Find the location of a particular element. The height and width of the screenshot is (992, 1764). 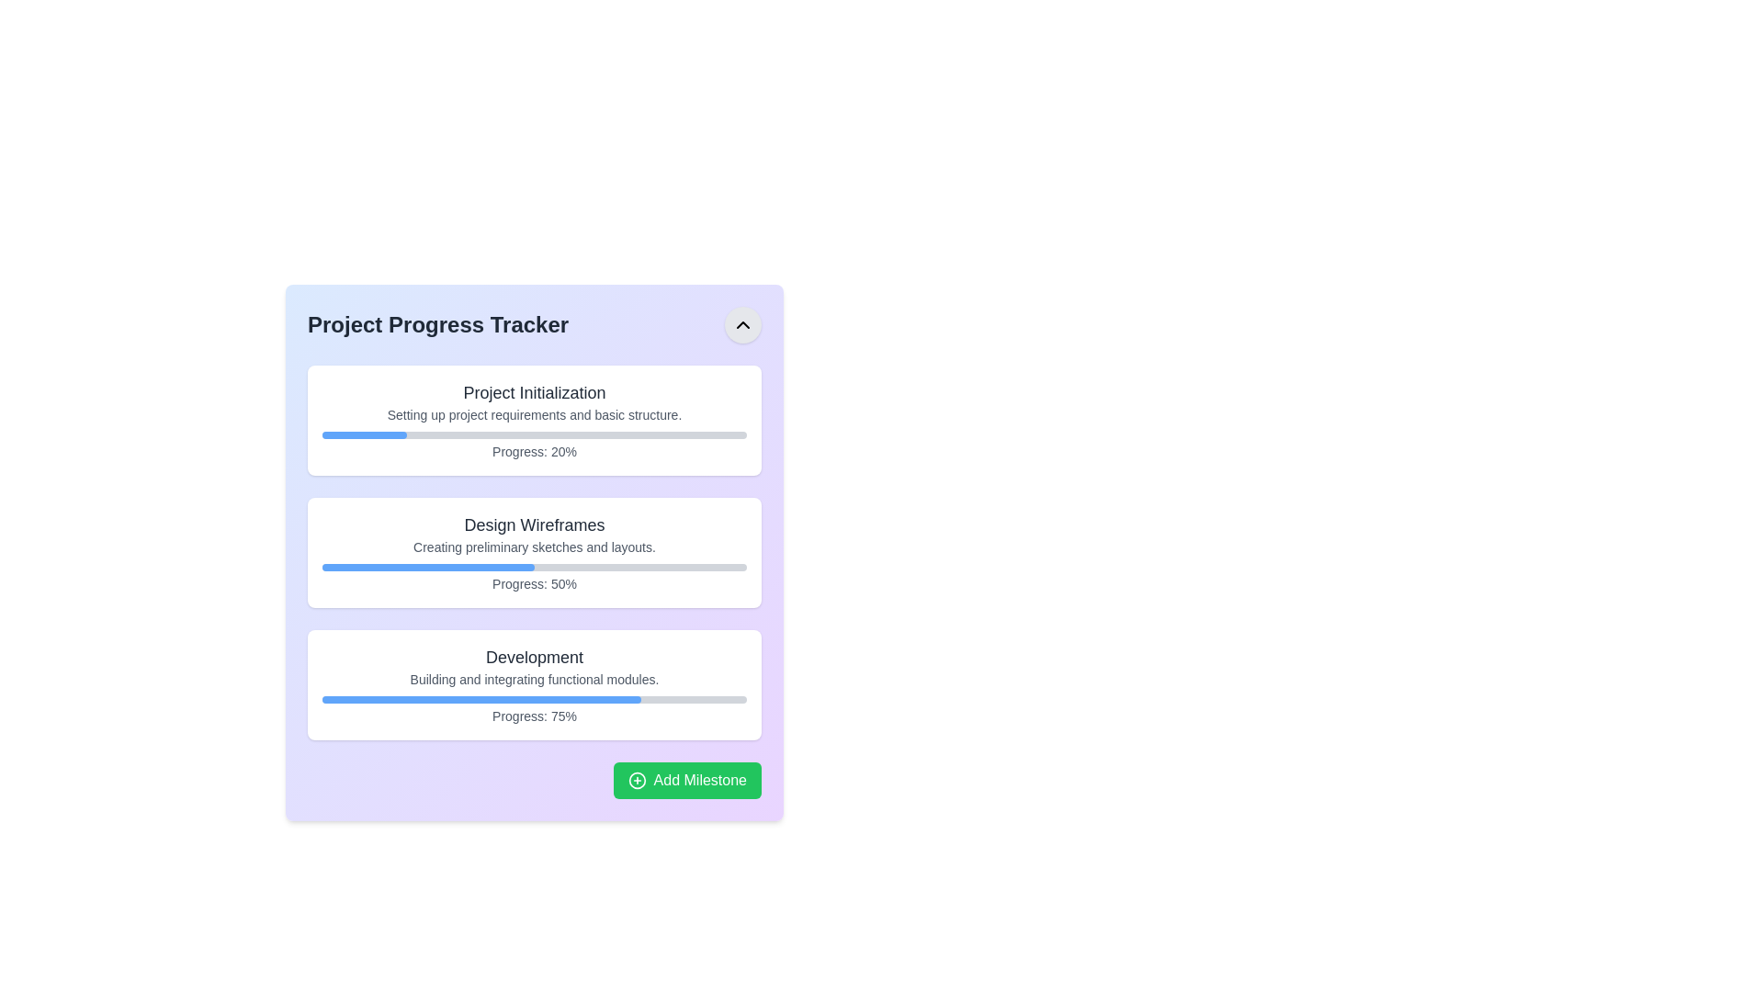

the static text displaying the progress status 'Progress: 75%' located below the progress bar in the 'Development' section is located at coordinates (533, 715).